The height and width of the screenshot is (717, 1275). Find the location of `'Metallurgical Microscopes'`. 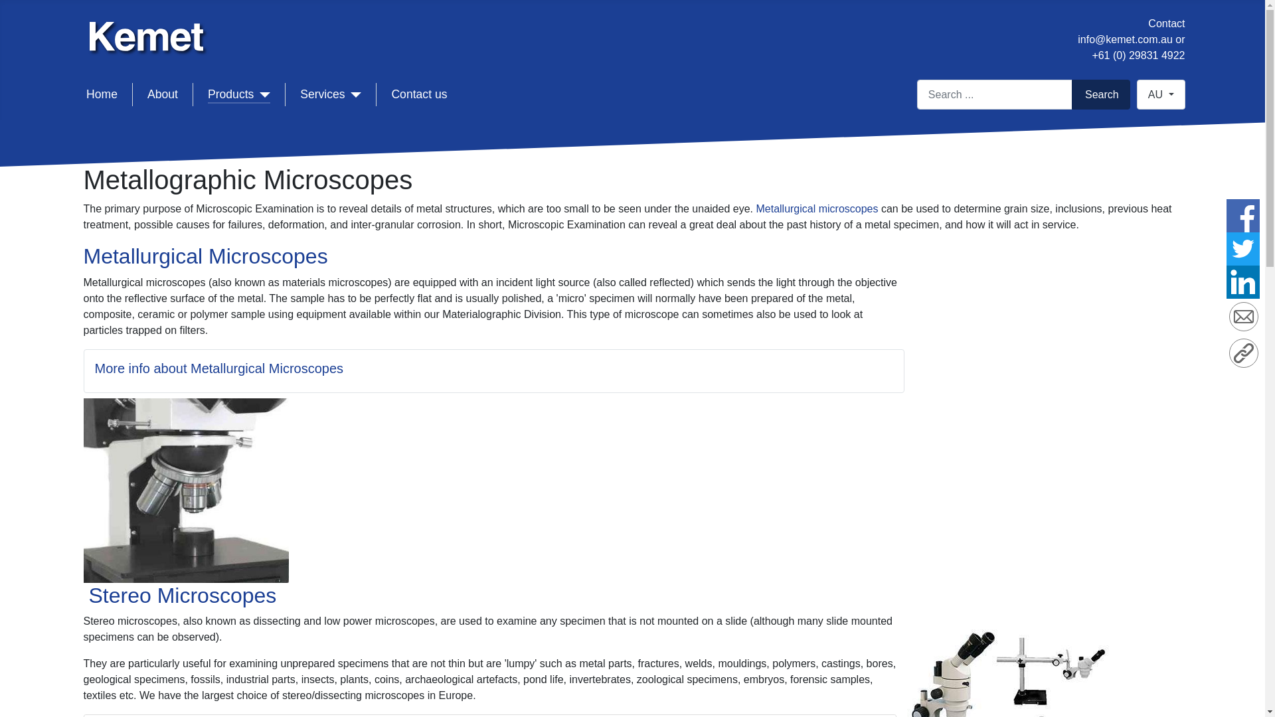

'Metallurgical Microscopes' is located at coordinates (205, 256).